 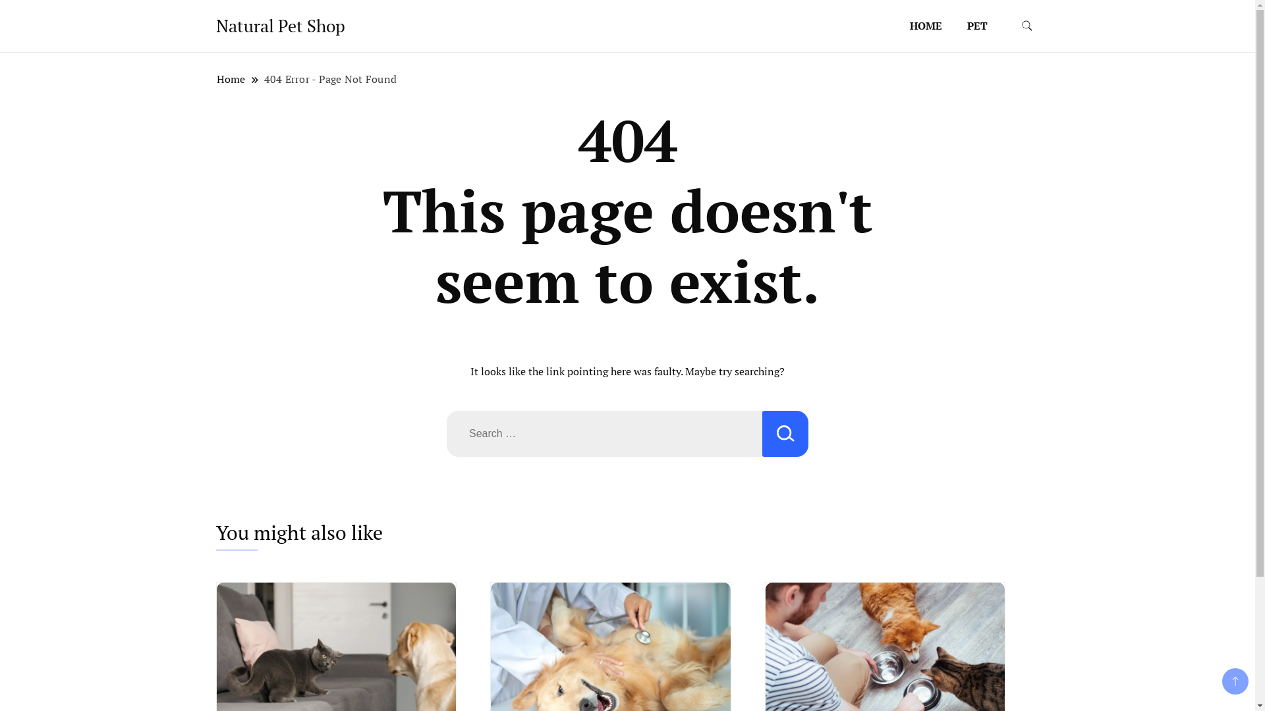 What do you see at coordinates (280, 25) in the screenshot?
I see `'Natural Pet Shop'` at bounding box center [280, 25].